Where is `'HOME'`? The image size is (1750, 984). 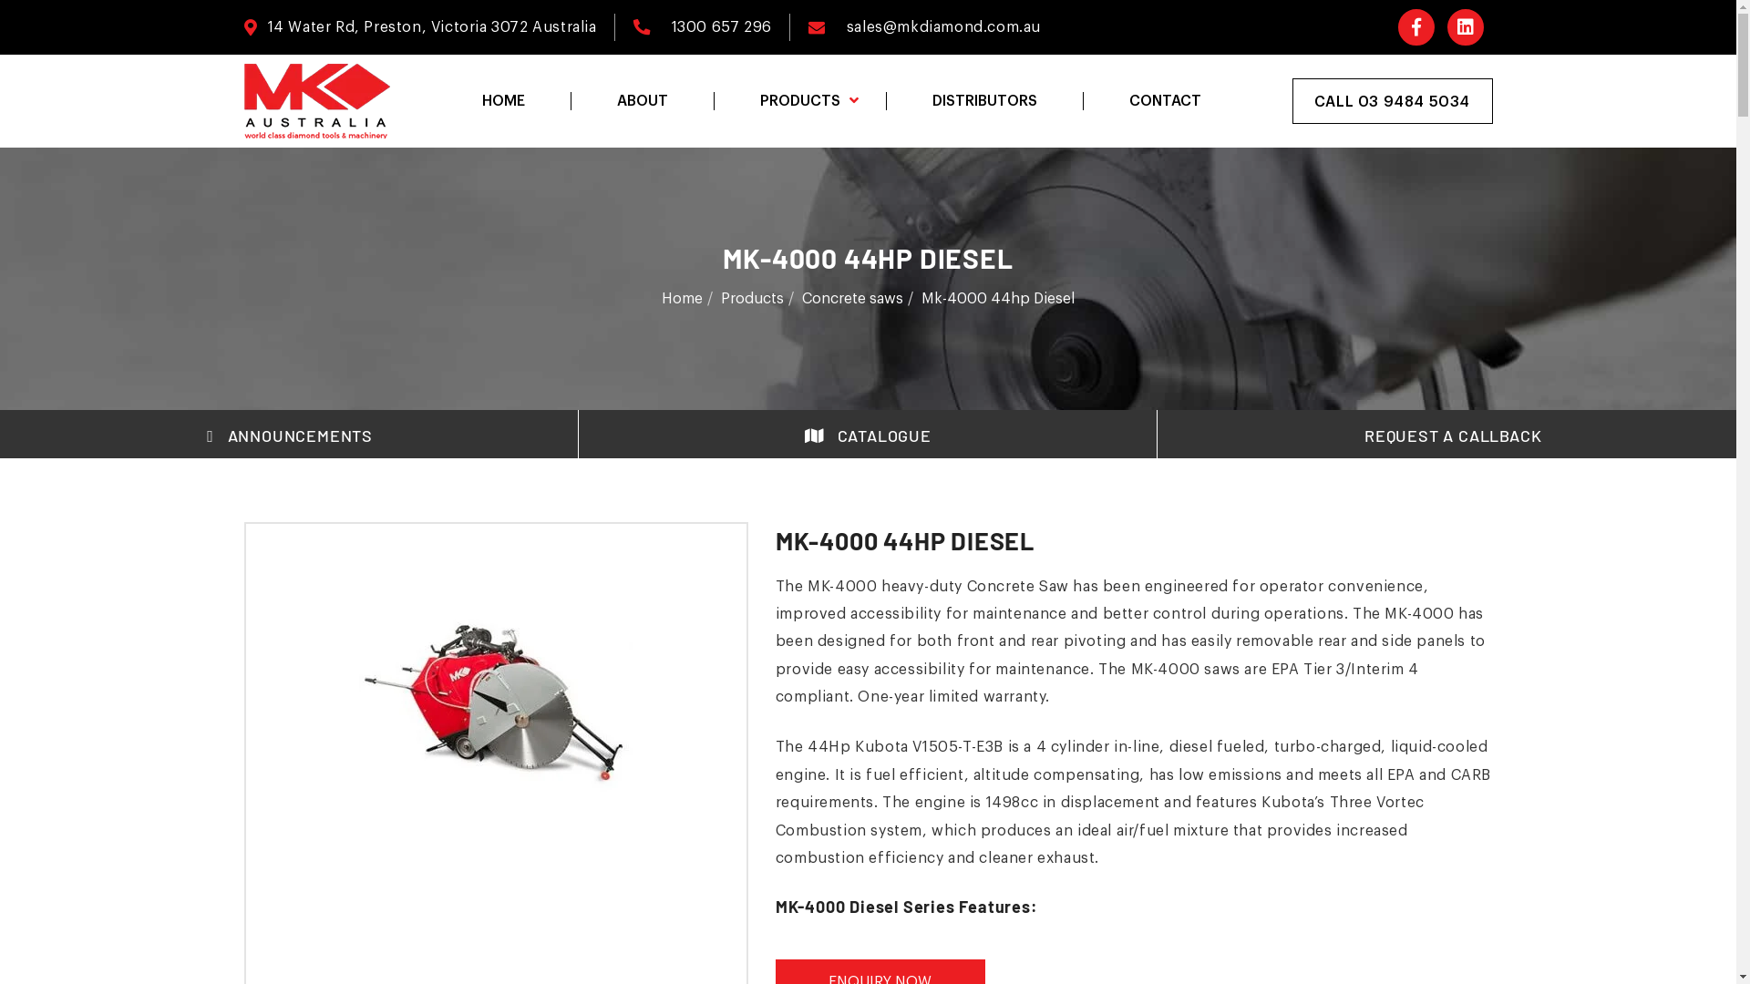
'HOME' is located at coordinates (502, 101).